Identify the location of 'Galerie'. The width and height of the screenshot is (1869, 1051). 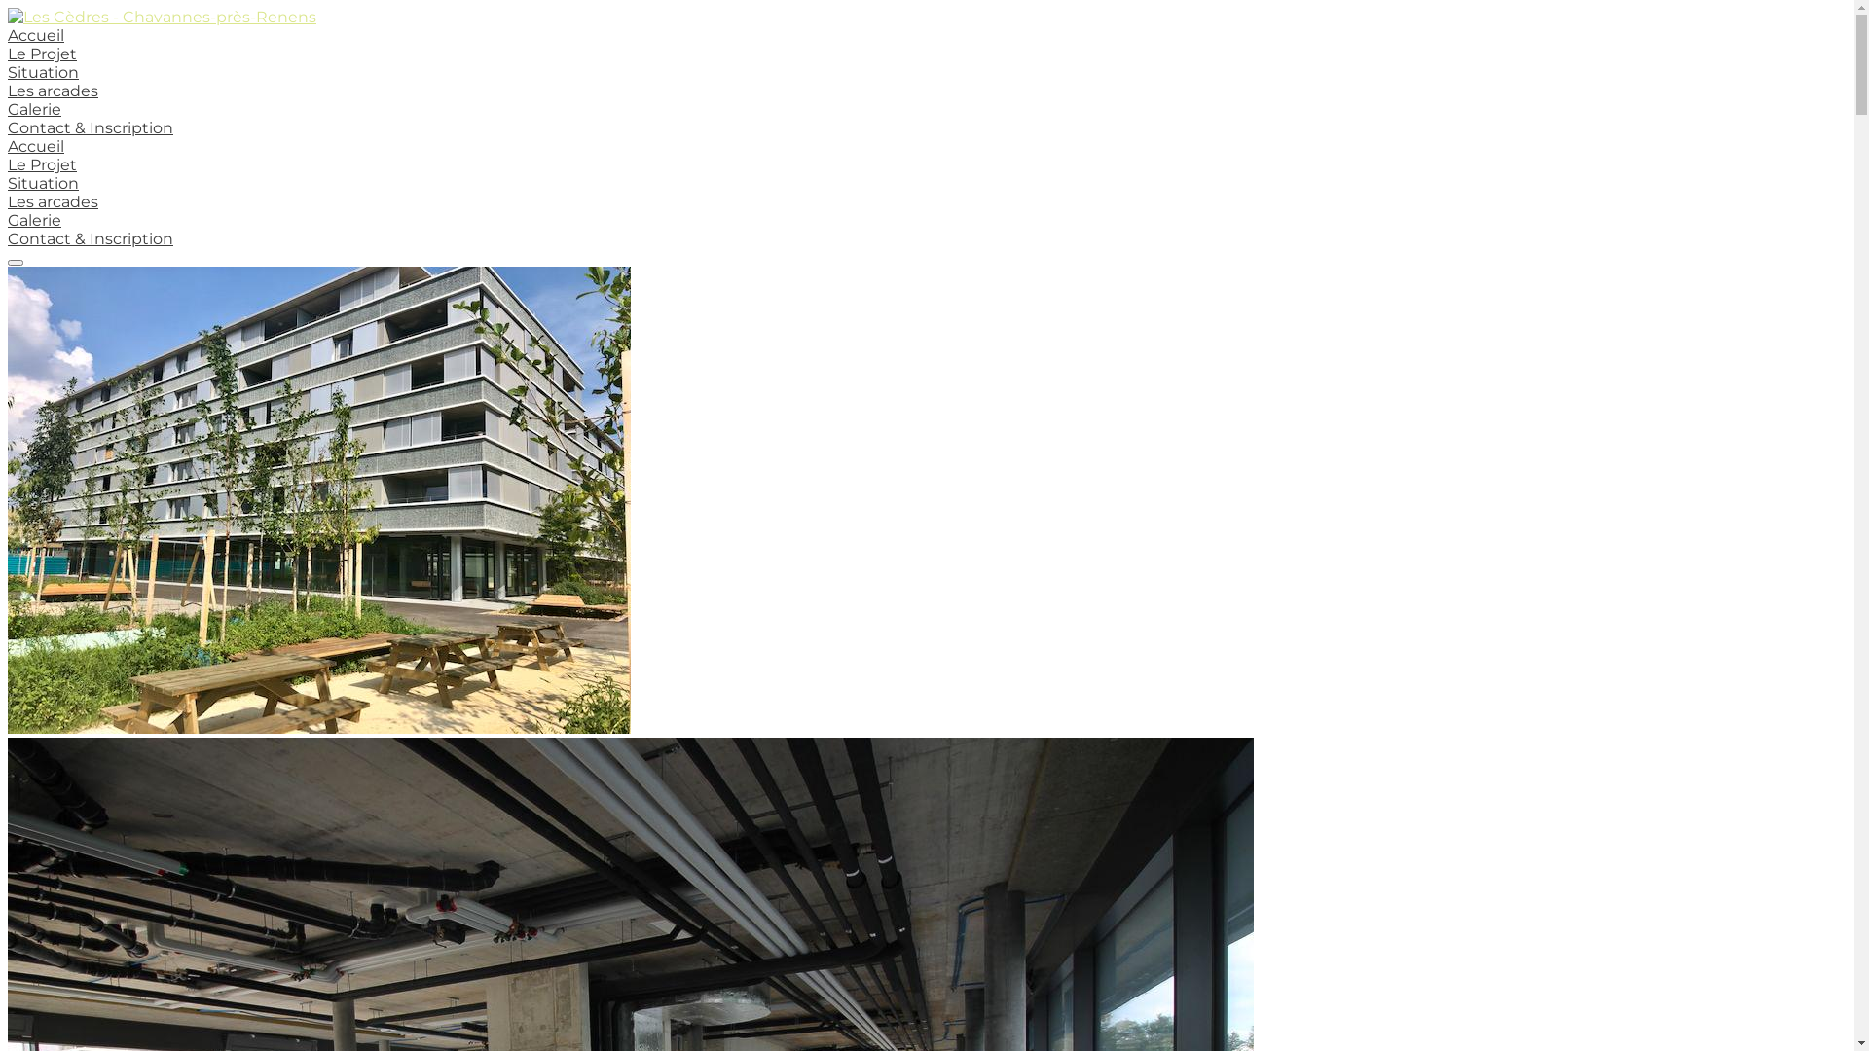
(8, 109).